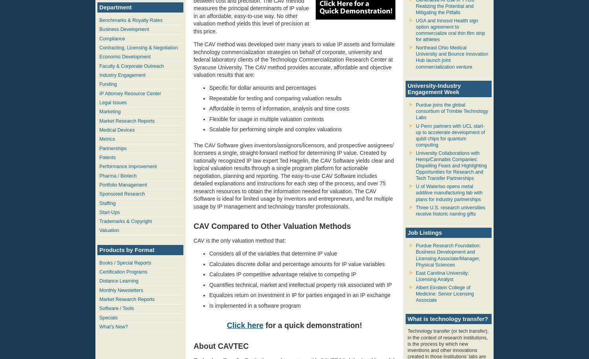 This screenshot has width=589, height=359. I want to click on 'Scalable for performing simple and complex valuations', so click(275, 129).